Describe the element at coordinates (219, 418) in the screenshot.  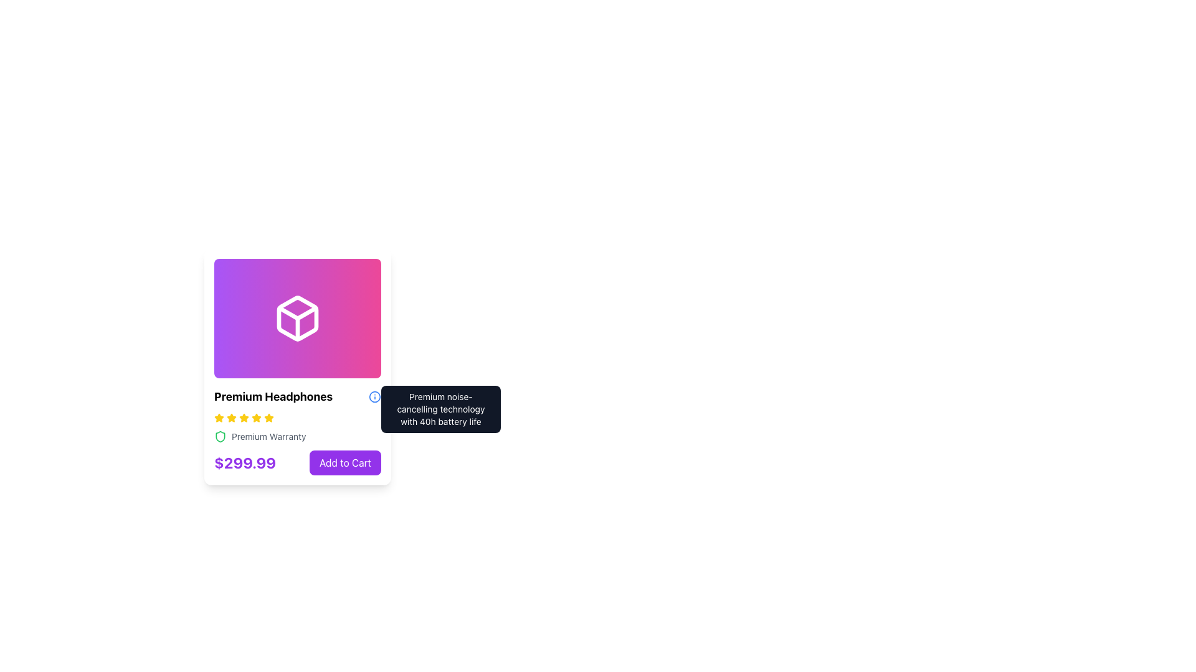
I see `the first star icon, which is a five-pointed yellow star, to interact with the rating system` at that location.